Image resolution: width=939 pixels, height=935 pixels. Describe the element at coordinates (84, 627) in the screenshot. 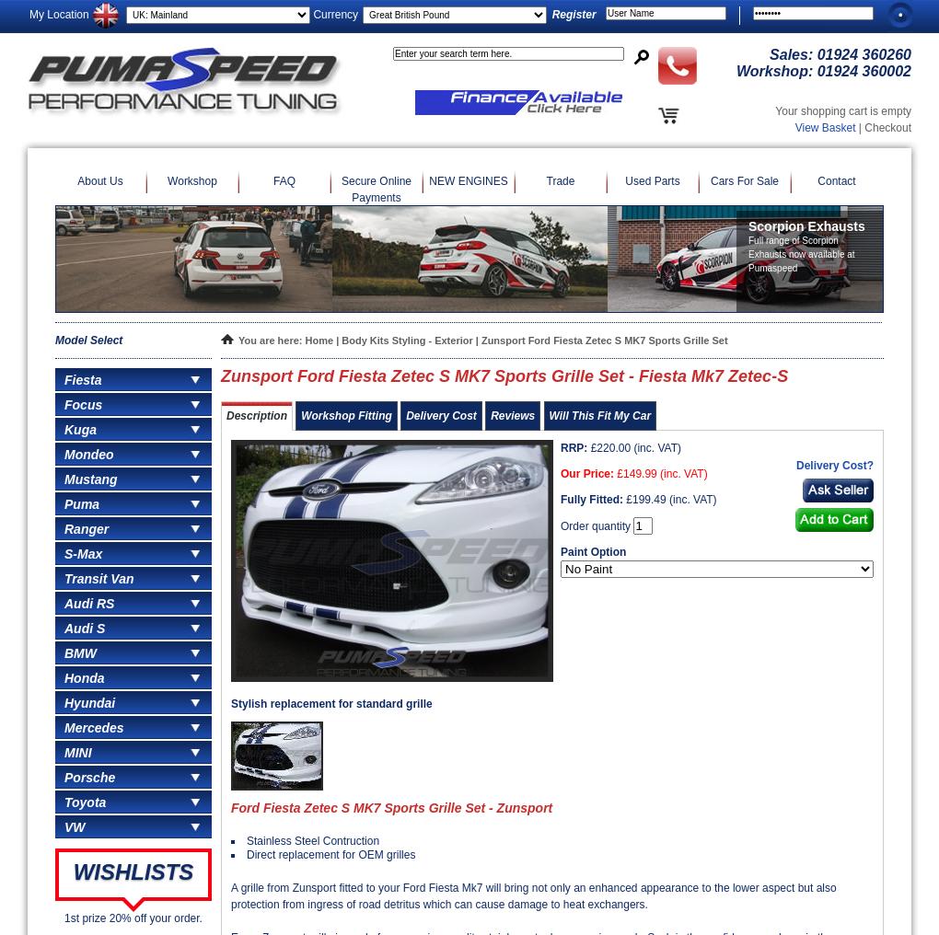

I see `'Audi S'` at that location.